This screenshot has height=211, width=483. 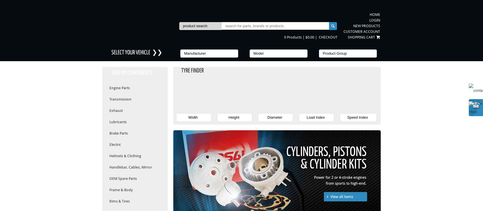 I want to click on 'OEM Spare Parts', so click(x=123, y=178).